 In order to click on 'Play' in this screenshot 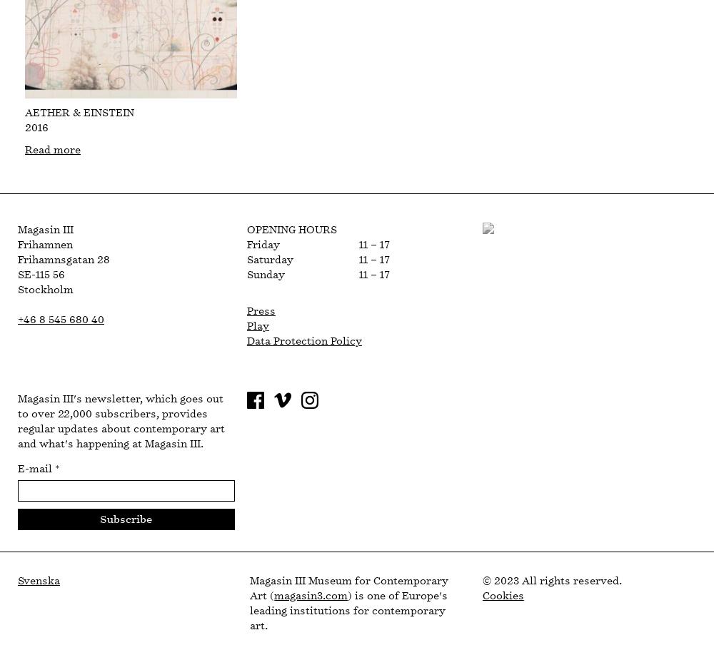, I will do `click(256, 325)`.